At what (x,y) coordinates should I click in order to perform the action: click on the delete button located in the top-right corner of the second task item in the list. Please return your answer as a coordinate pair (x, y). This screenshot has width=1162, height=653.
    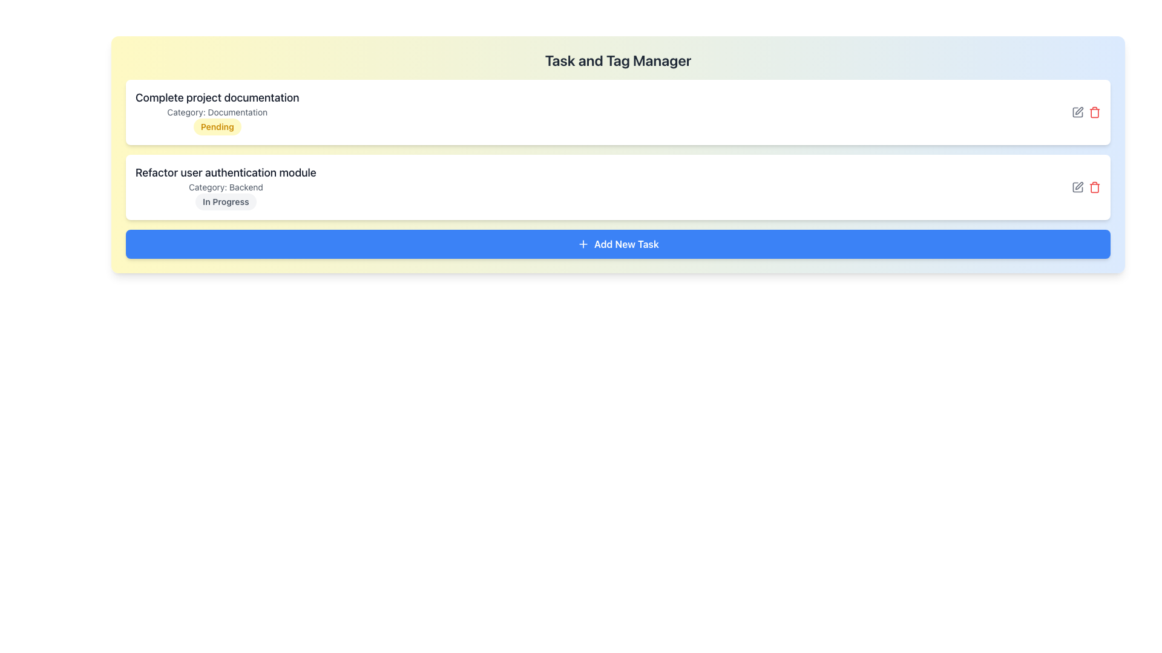
    Looking at the image, I should click on (1095, 112).